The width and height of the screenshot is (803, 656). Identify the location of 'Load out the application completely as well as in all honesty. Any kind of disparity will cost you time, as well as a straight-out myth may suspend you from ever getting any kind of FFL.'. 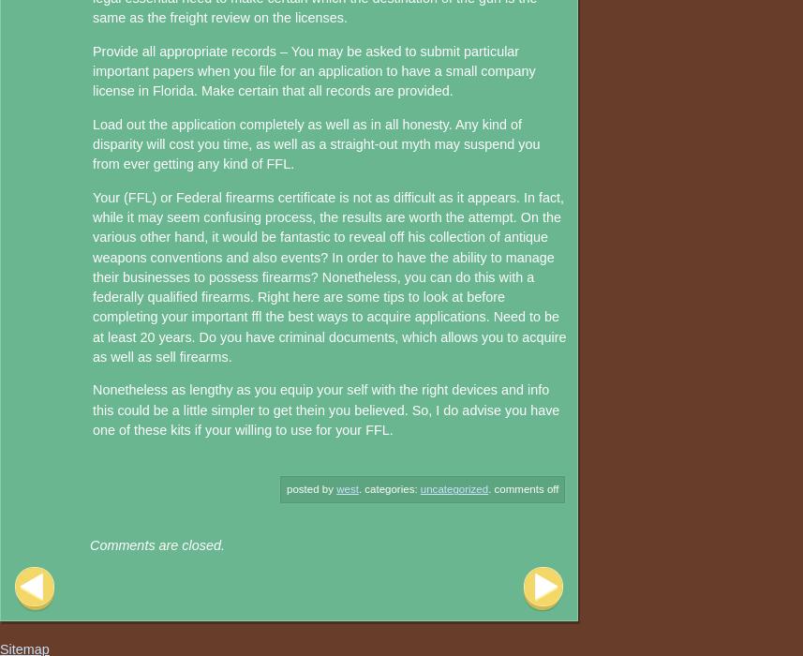
(316, 143).